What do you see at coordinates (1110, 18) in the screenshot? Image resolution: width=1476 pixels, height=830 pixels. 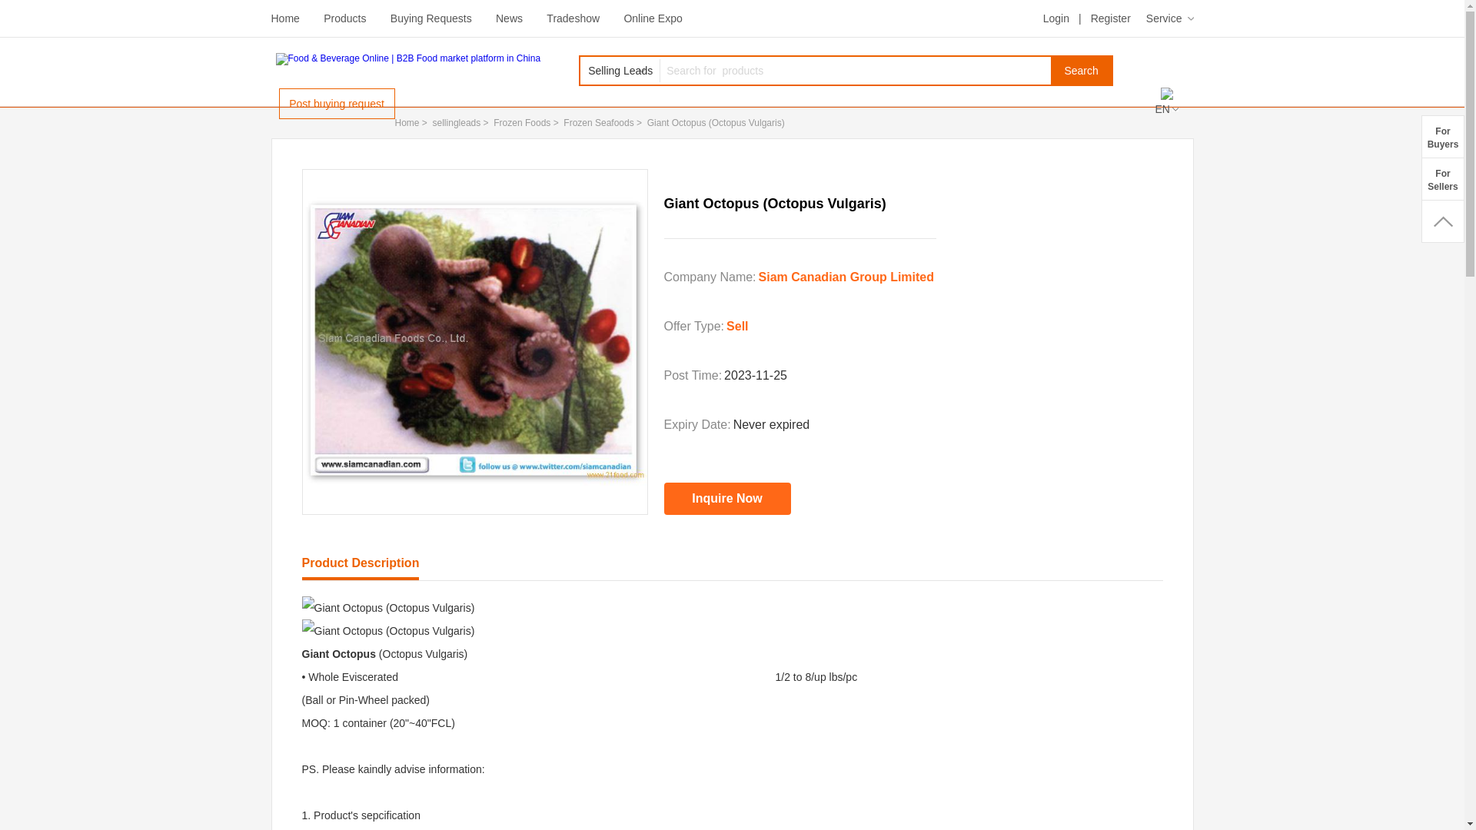 I see `'Register'` at bounding box center [1110, 18].